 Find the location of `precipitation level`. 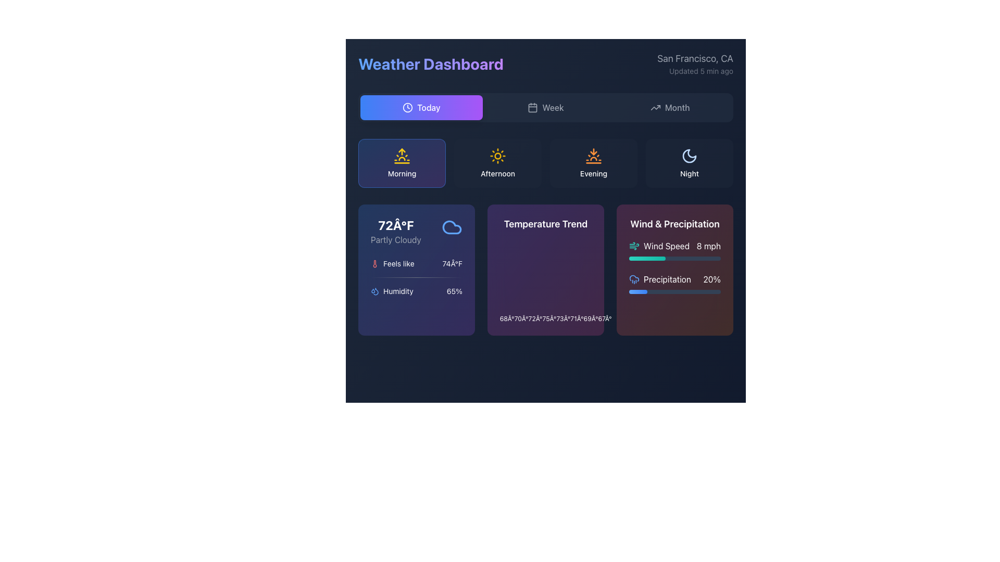

precipitation level is located at coordinates (665, 258).